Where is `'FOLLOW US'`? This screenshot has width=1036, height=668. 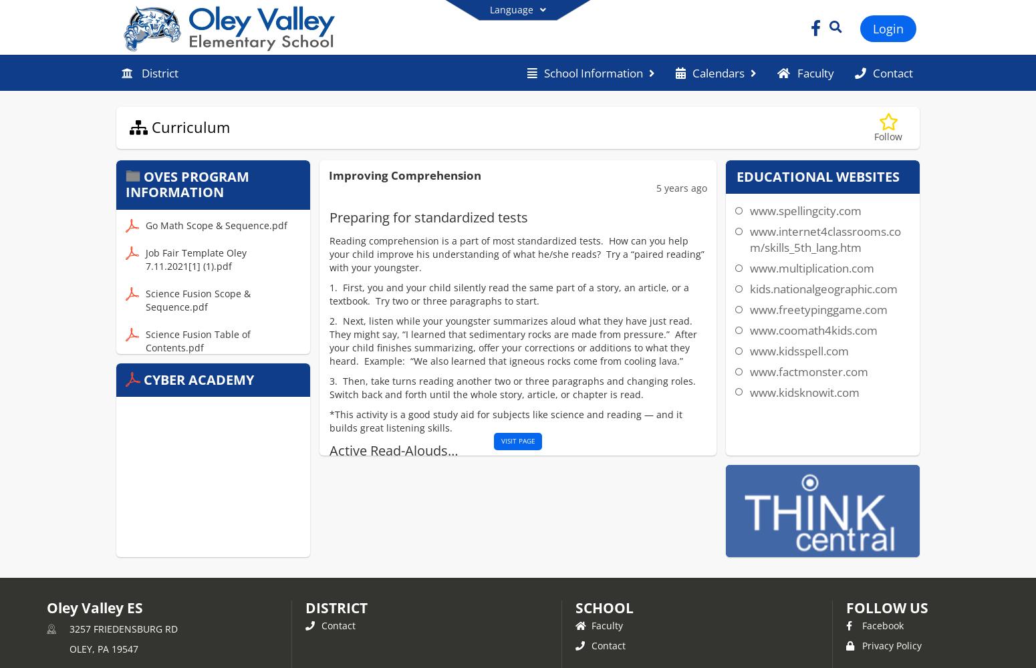
'FOLLOW US' is located at coordinates (844, 608).